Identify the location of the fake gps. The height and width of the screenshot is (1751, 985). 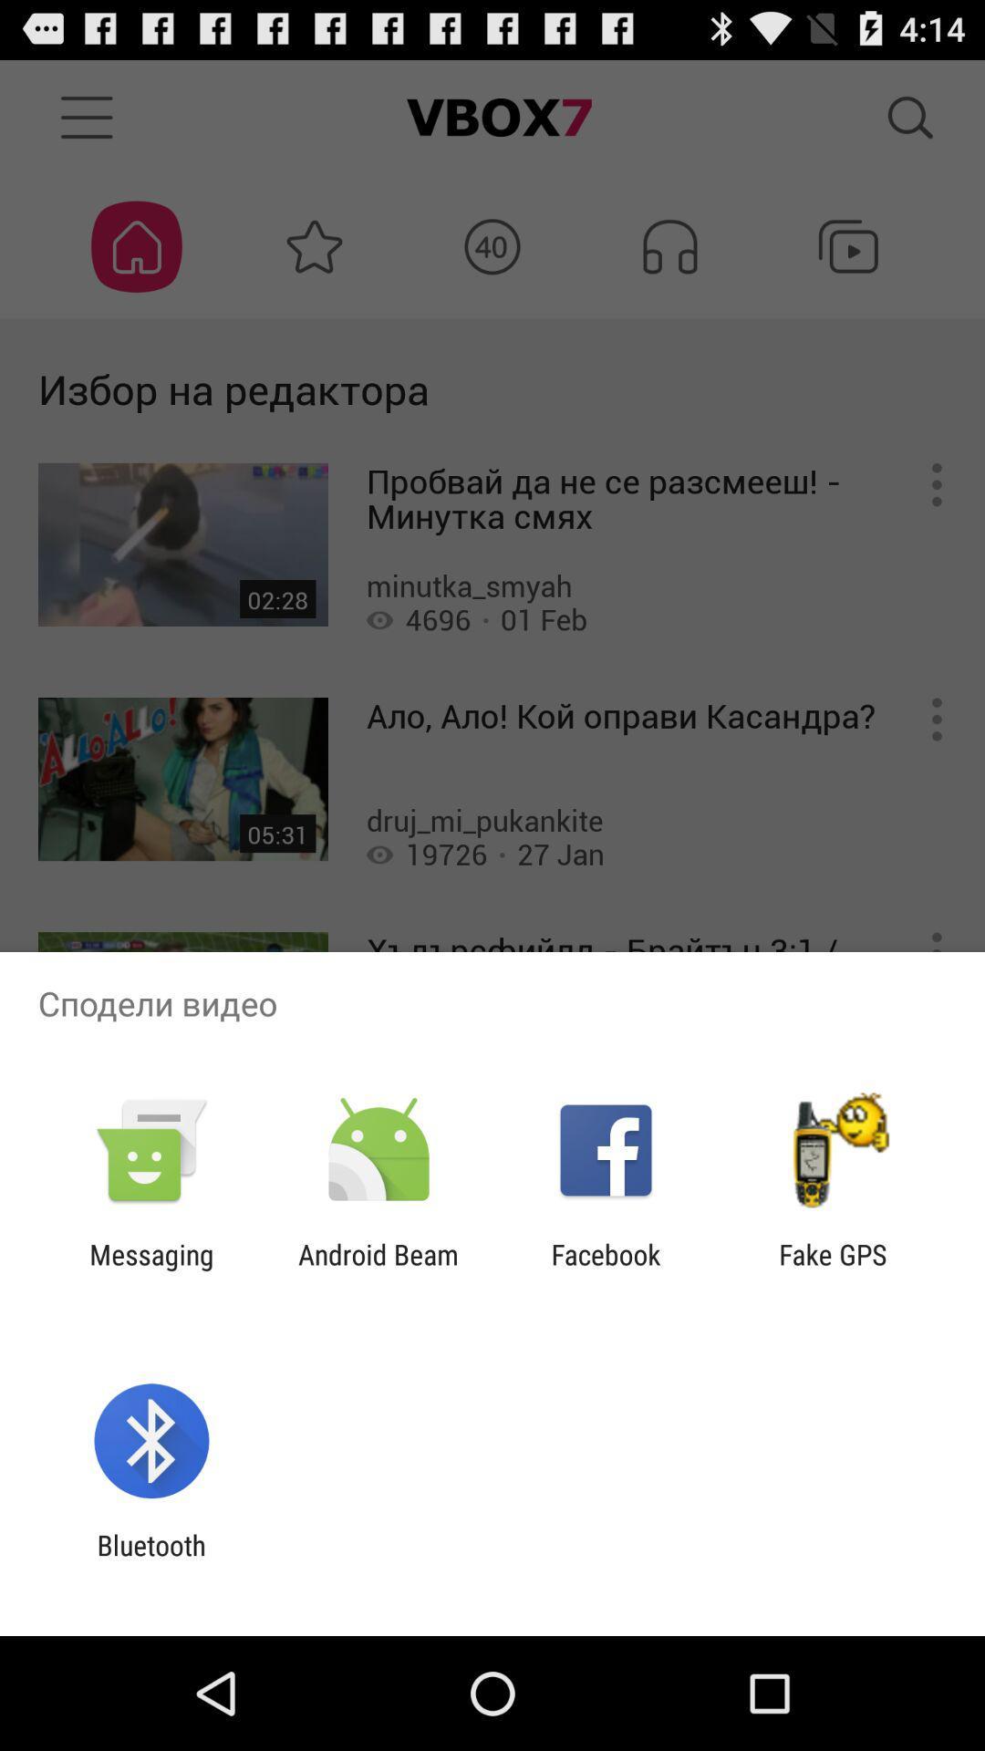
(833, 1269).